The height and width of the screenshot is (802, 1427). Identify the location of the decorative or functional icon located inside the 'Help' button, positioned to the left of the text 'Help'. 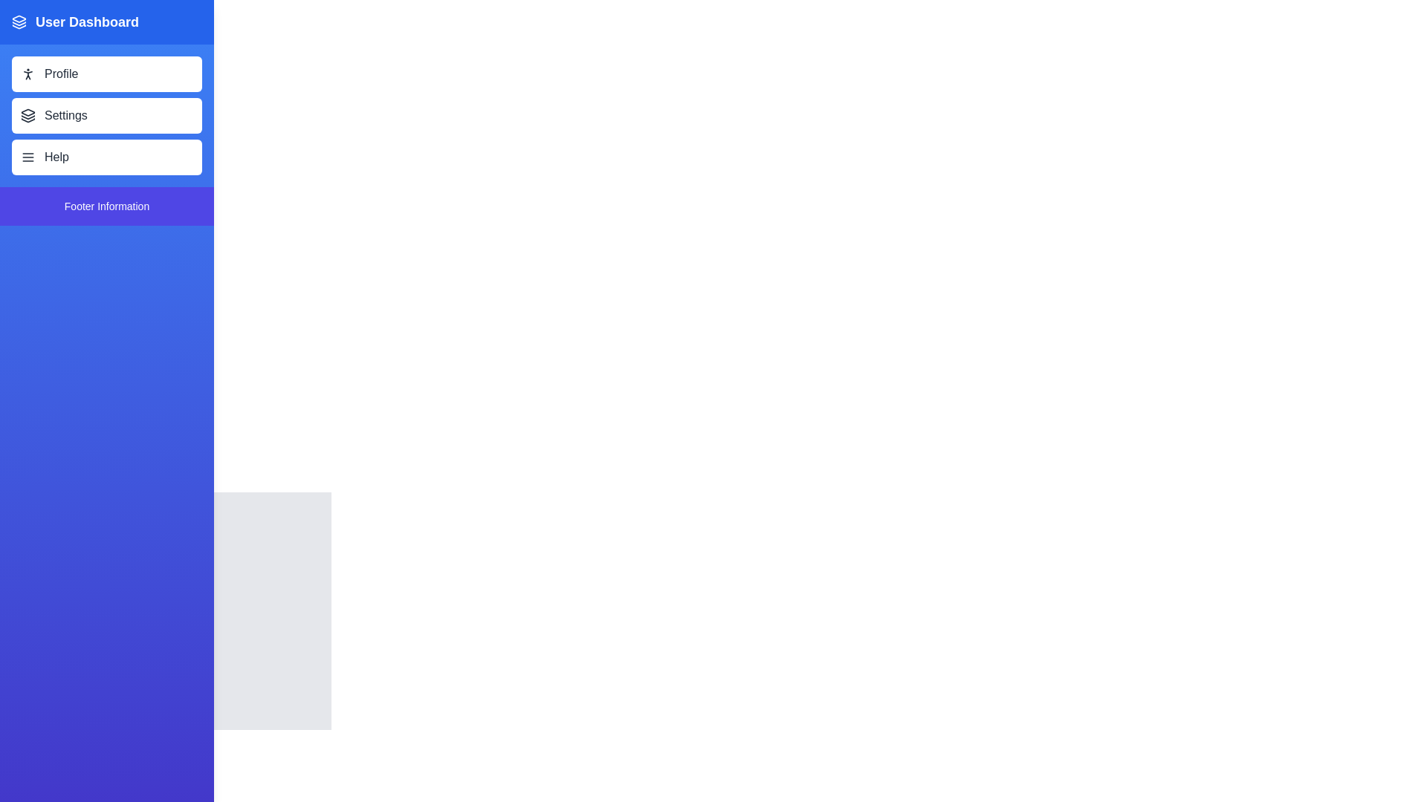
(28, 157).